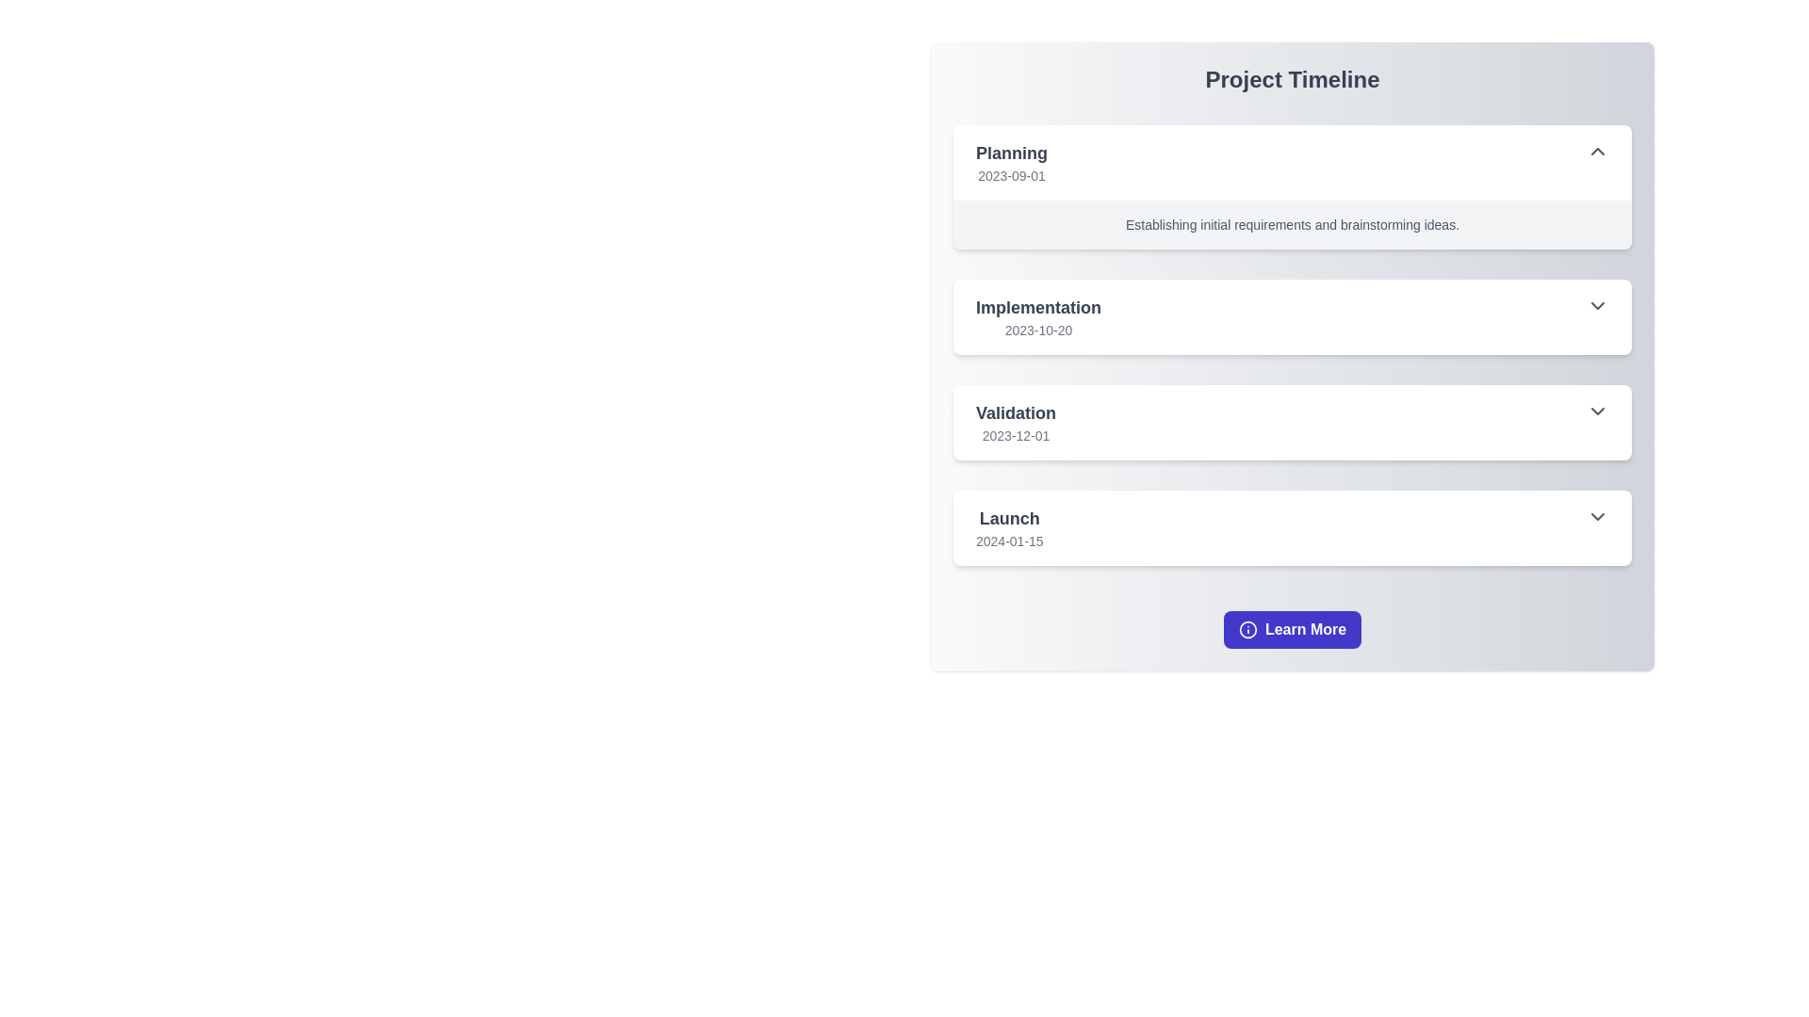  Describe the element at coordinates (1292, 315) in the screenshot. I see `the 'Implementation' phase card in the project timeline` at that location.